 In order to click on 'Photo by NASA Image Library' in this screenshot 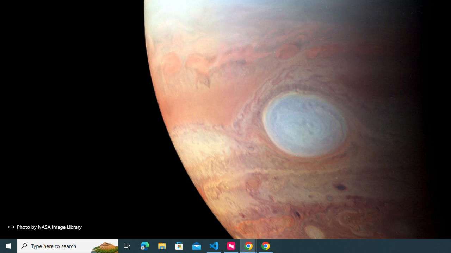, I will do `click(45, 227)`.